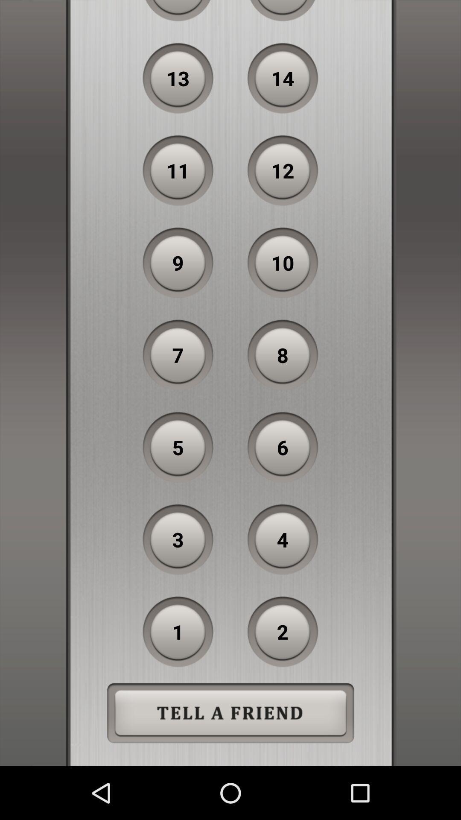 This screenshot has width=461, height=820. Describe the element at coordinates (283, 447) in the screenshot. I see `button to the right of the 5` at that location.